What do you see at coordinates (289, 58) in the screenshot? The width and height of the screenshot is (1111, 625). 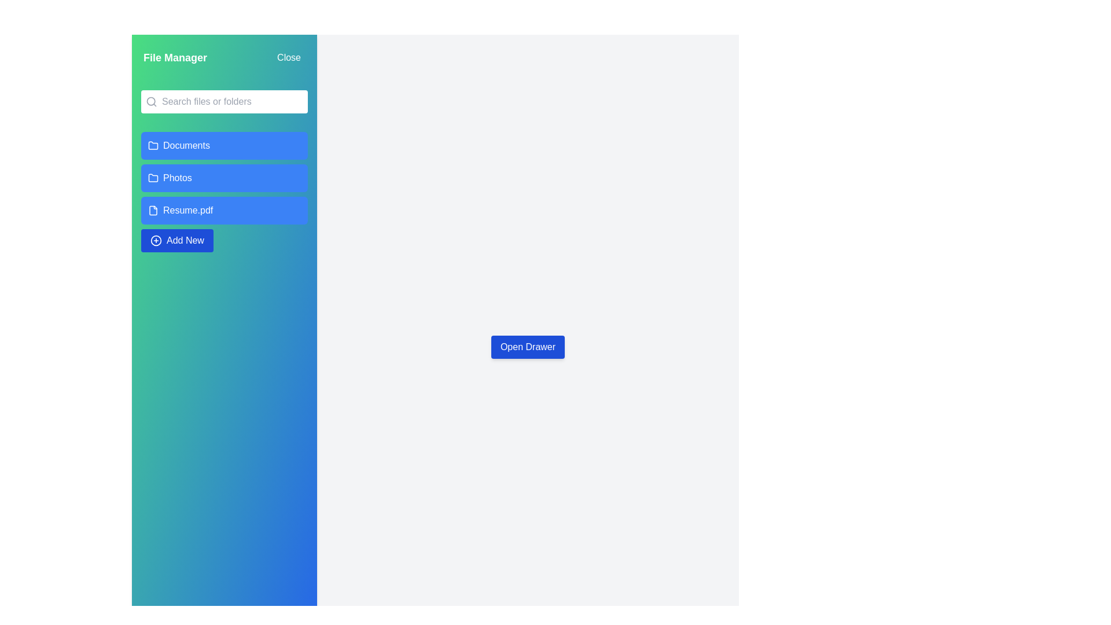 I see `the 'Close' button to close the File Management Drawer` at bounding box center [289, 58].